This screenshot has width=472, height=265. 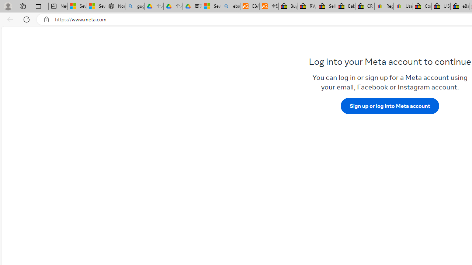 I want to click on 'Register: Create a personal eBay account', so click(x=383, y=6).